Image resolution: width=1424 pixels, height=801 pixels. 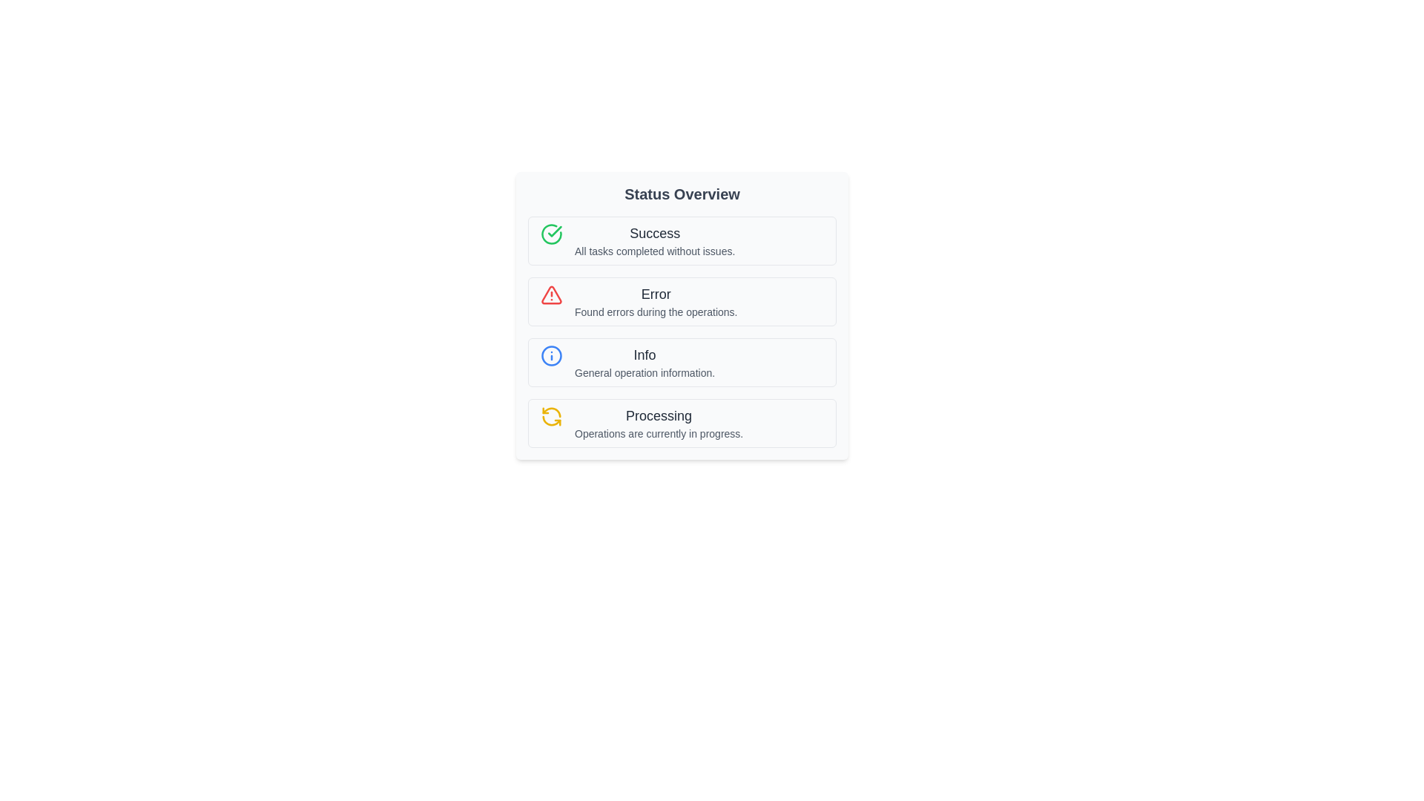 What do you see at coordinates (654, 234) in the screenshot?
I see `the 'Success' text label, which is styled in a larger, bold font and serves as a header for a status item, located above the text 'All tasks completed without issues.'` at bounding box center [654, 234].